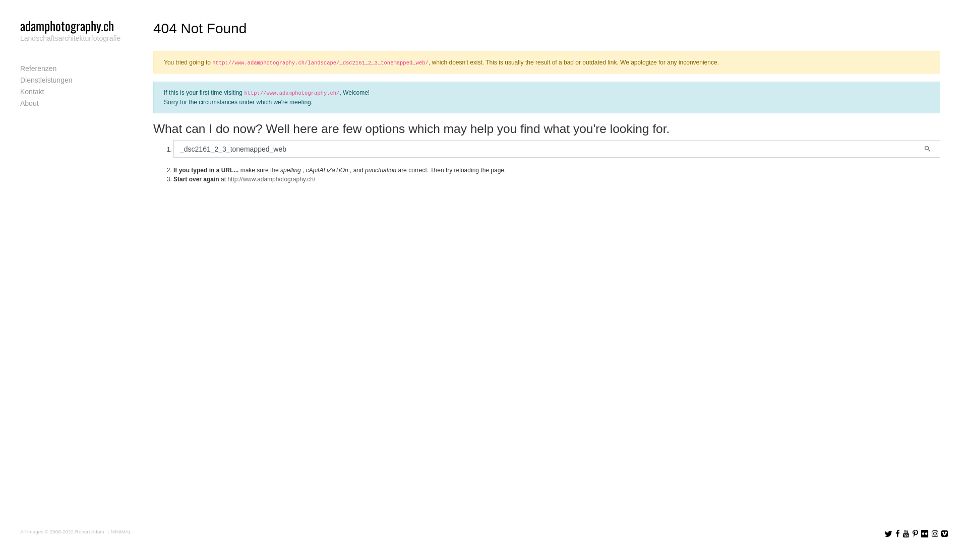 The width and height of the screenshot is (968, 544). Describe the element at coordinates (888, 533) in the screenshot. I see `'Follow us on Twitter'` at that location.